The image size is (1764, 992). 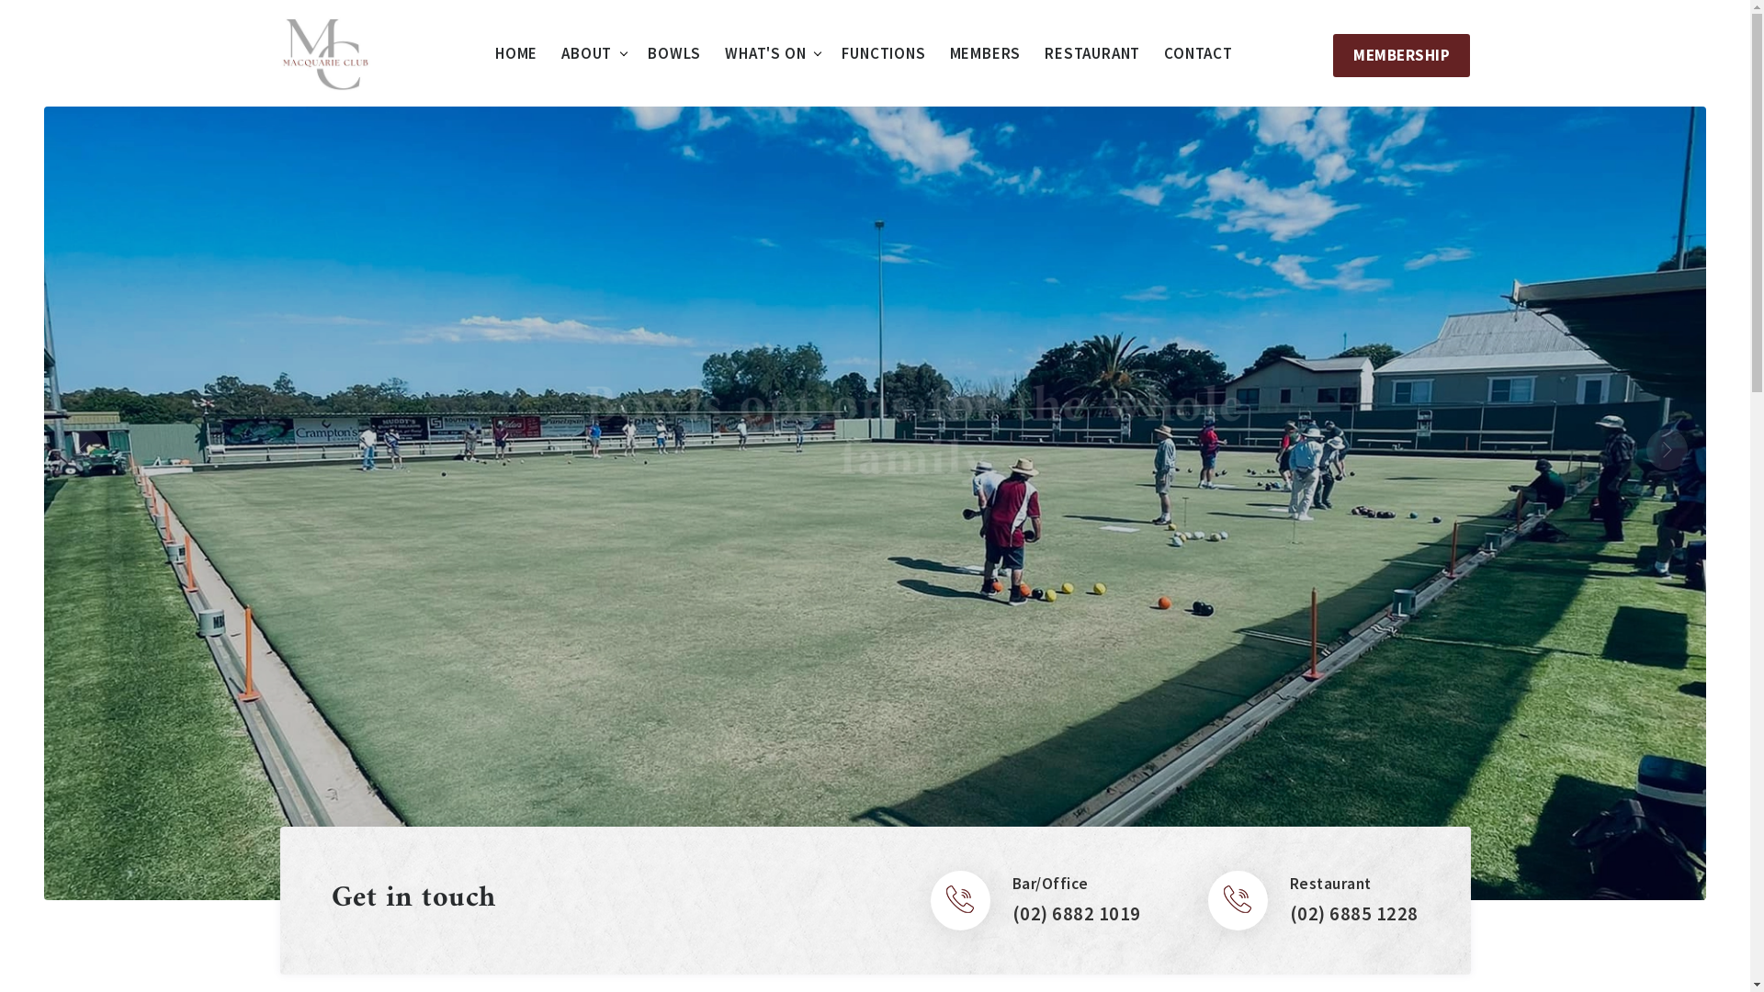 I want to click on 'FUNCTIONS', so click(x=883, y=52).